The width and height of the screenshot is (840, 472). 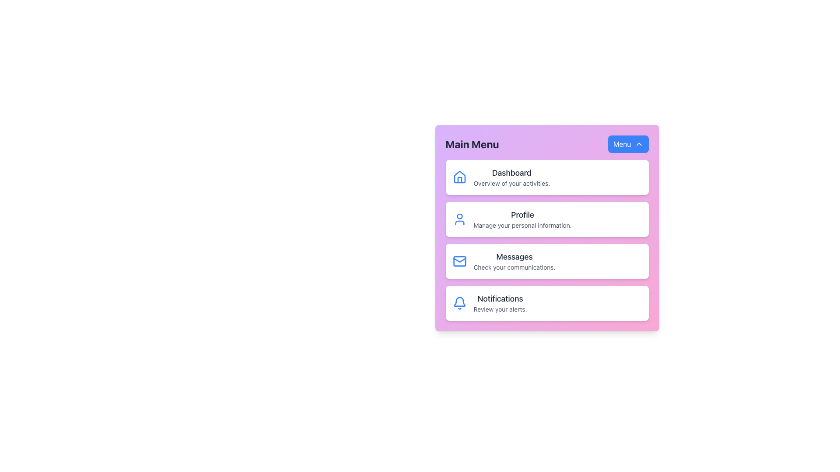 I want to click on description conveyed by the text block labeled 'Messages' which contains the bold text 'Messages' and the smaller gray text 'Check your communications.', so click(x=514, y=260).